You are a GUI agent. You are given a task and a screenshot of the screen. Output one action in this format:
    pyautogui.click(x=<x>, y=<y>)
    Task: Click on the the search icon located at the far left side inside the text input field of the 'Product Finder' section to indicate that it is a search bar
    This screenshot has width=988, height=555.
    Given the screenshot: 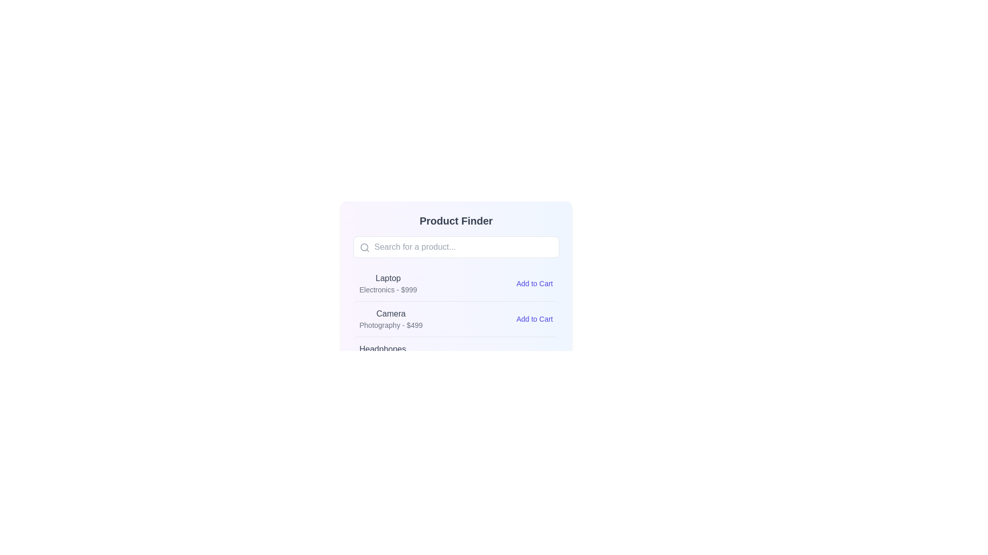 What is the action you would take?
    pyautogui.click(x=364, y=248)
    